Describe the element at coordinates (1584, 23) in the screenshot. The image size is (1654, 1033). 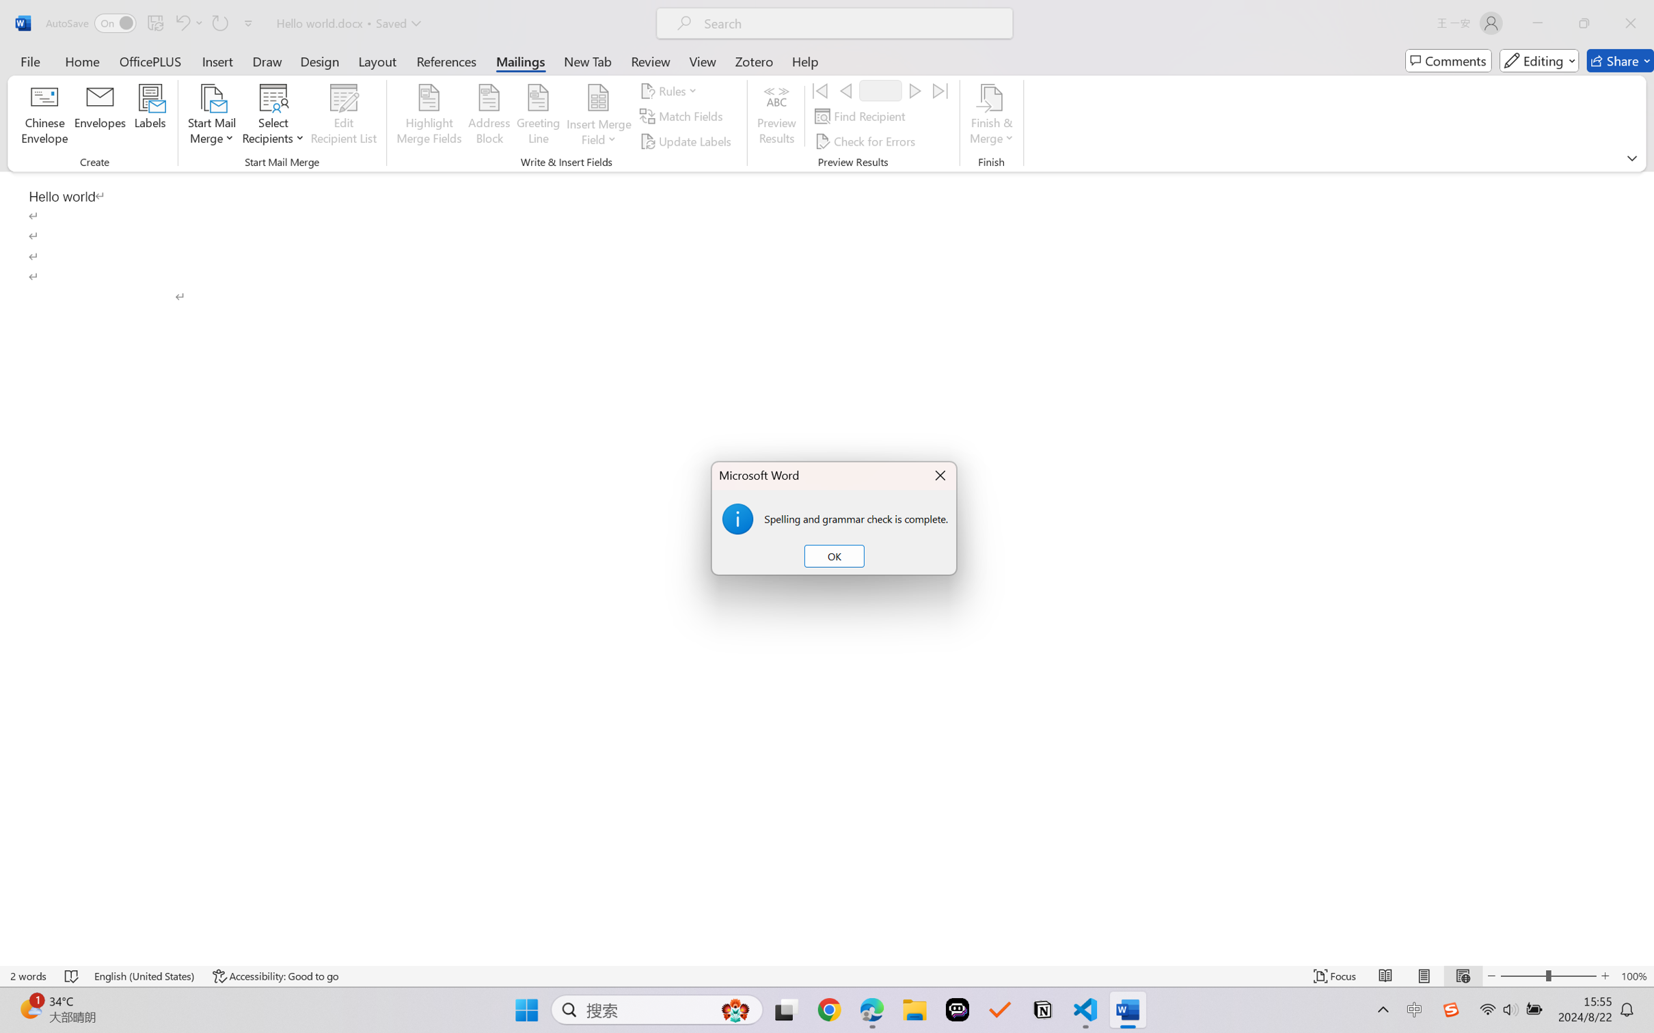
I see `'Restore Down'` at that location.